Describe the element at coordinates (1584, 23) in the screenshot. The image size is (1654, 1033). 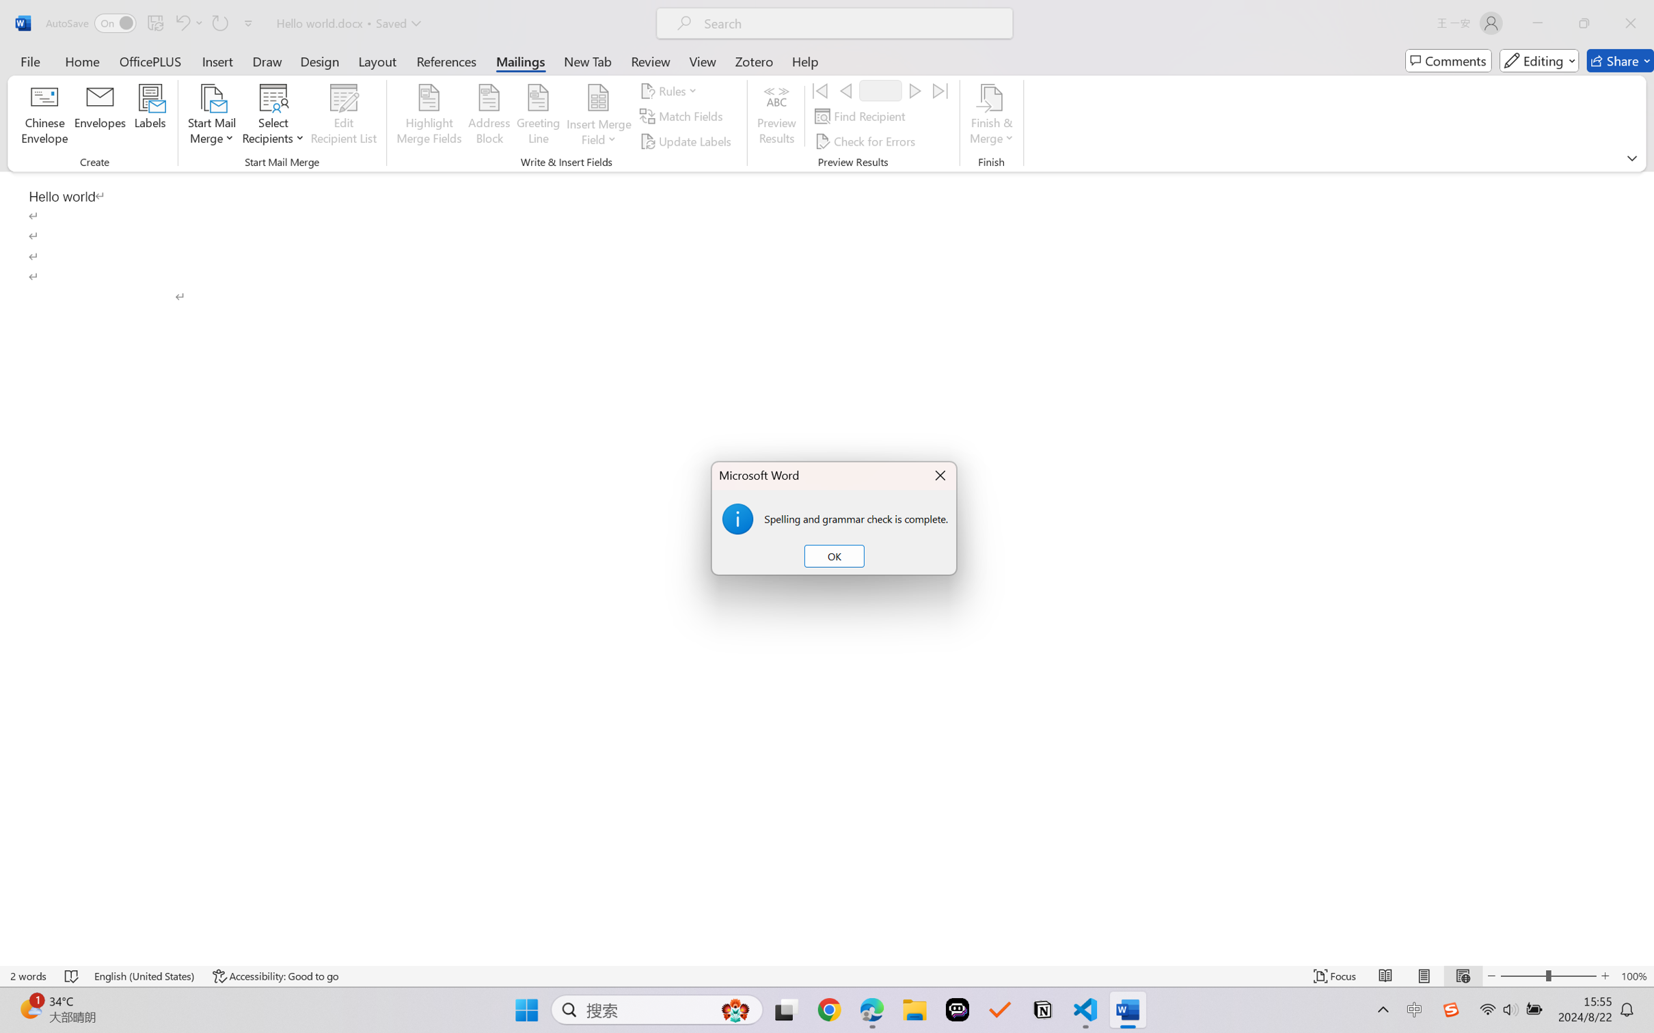
I see `'Restore Down'` at that location.